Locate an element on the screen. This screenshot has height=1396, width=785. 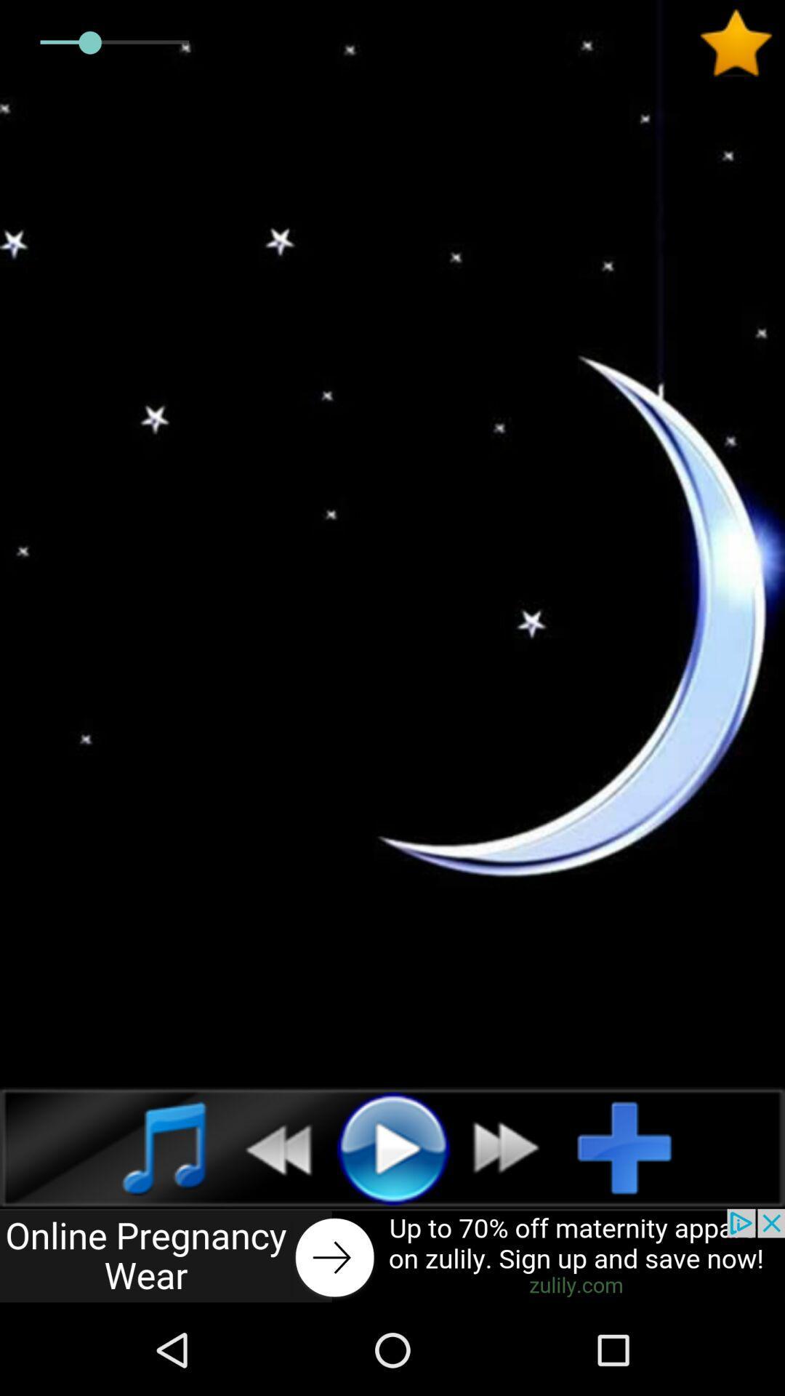
go back is located at coordinates (270, 1147).